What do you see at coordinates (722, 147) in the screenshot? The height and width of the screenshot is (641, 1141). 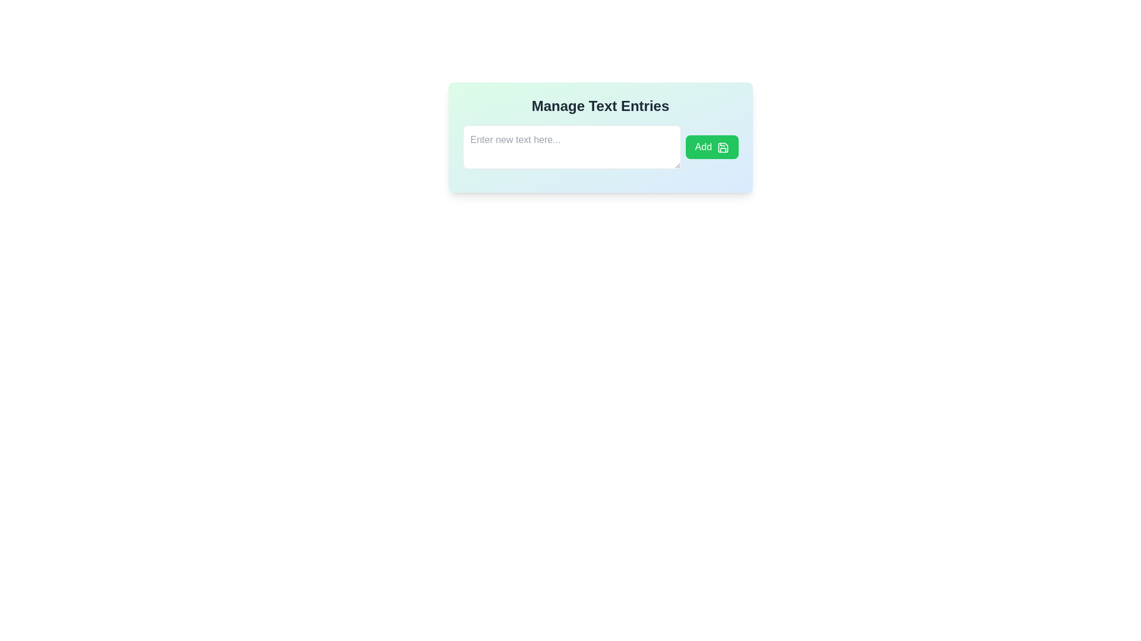 I see `the small save icon with a green background located to the right of the 'Add' button` at bounding box center [722, 147].